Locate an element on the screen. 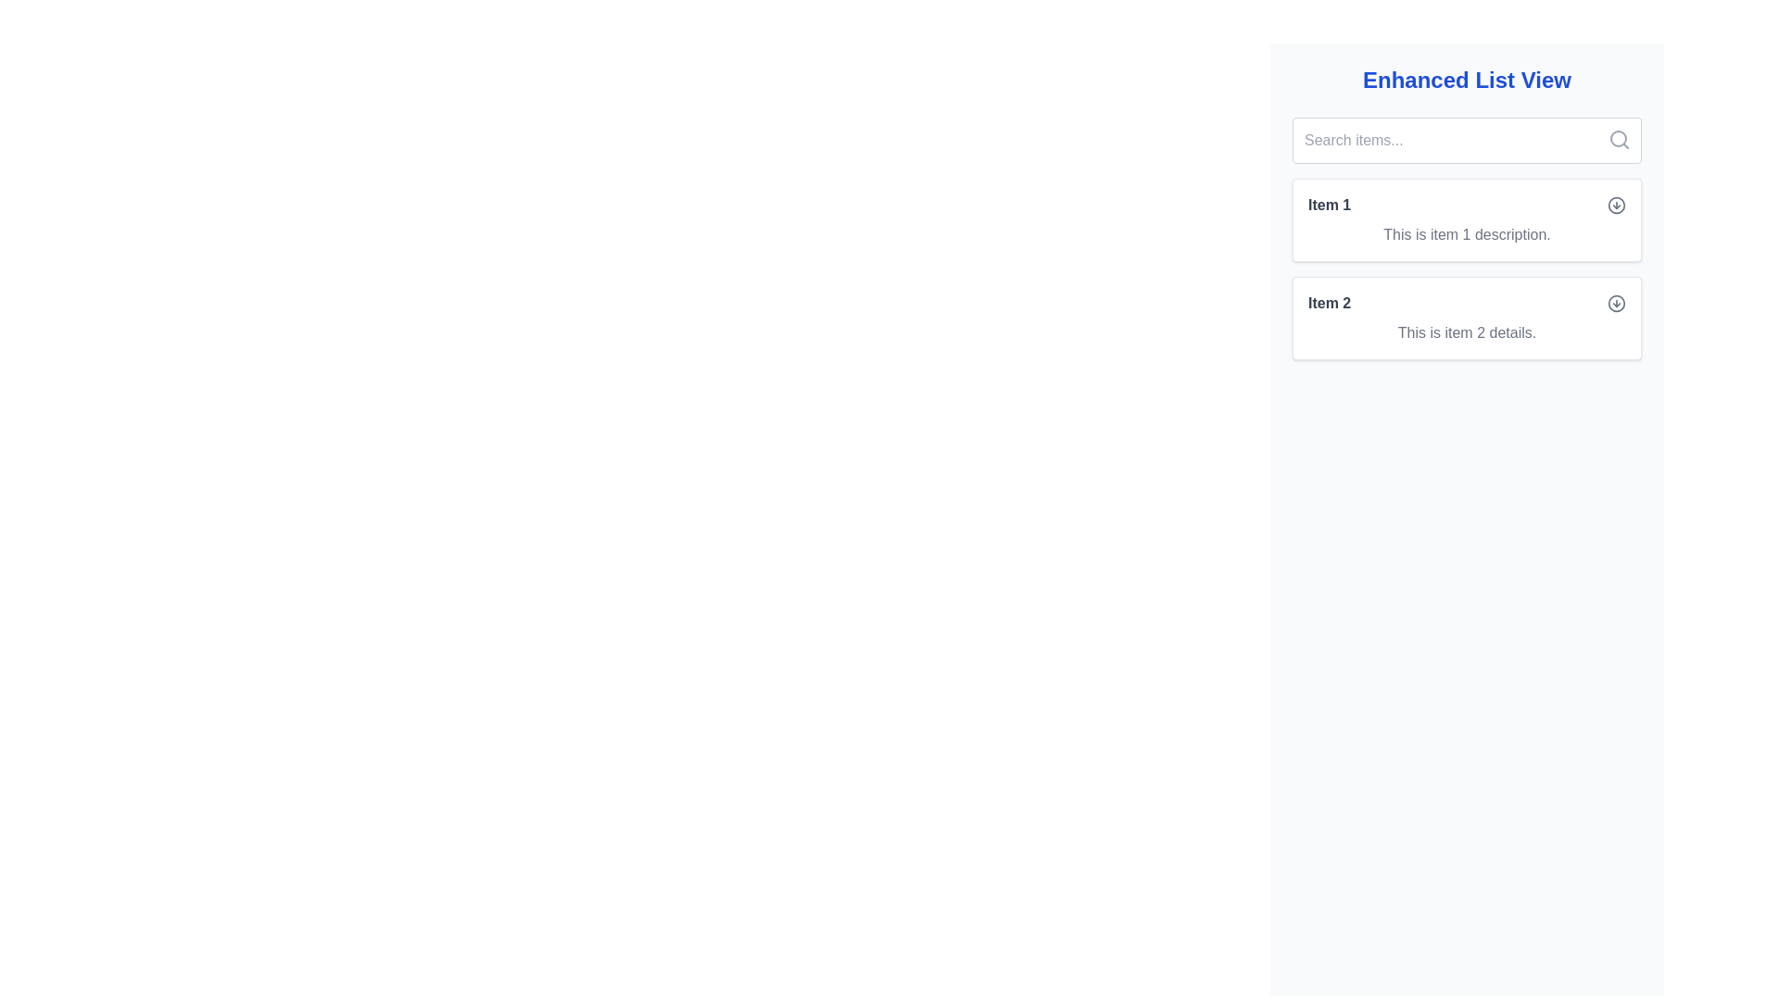 Image resolution: width=1779 pixels, height=1000 pixels. the interactive icon button representing a downward arrow encased in a circle, located next to 'Item 2' is located at coordinates (1616, 302).